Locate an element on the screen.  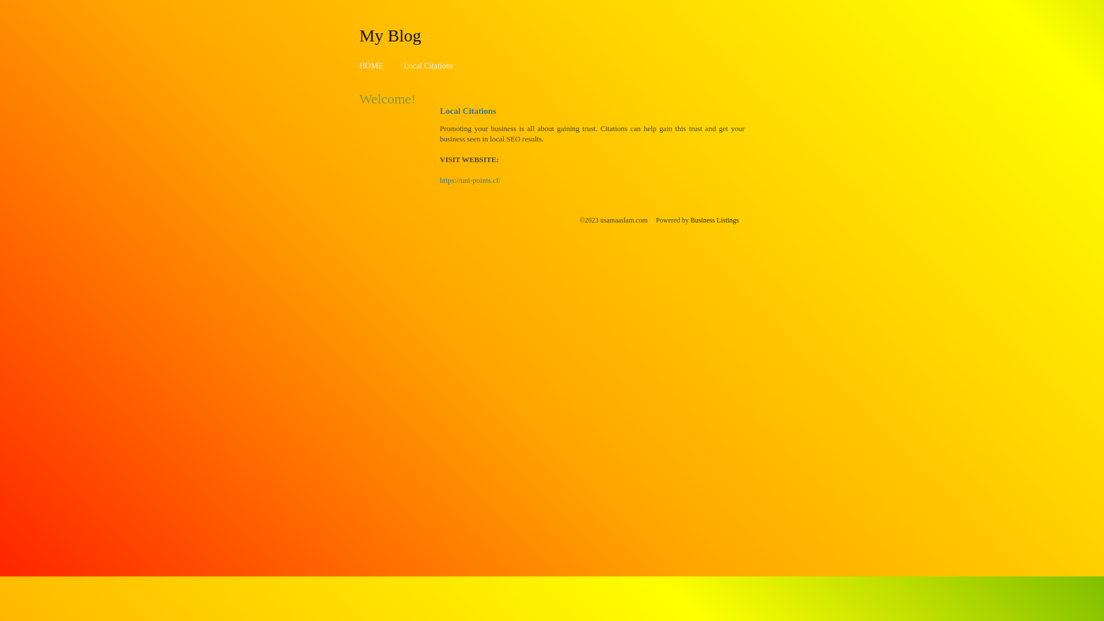
'https://uni-points.cf/' is located at coordinates (439, 180).